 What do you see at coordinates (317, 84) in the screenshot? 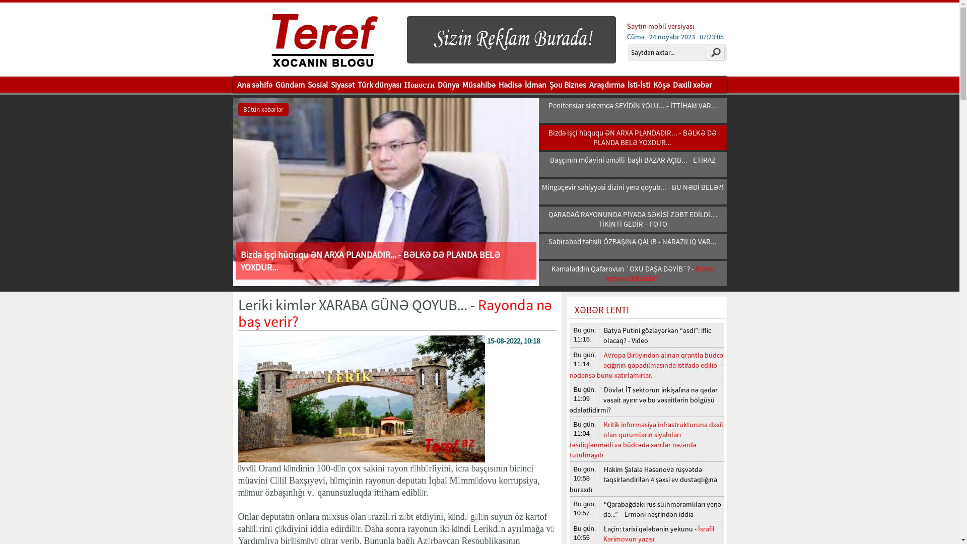
I see `'Sosial'` at bounding box center [317, 84].